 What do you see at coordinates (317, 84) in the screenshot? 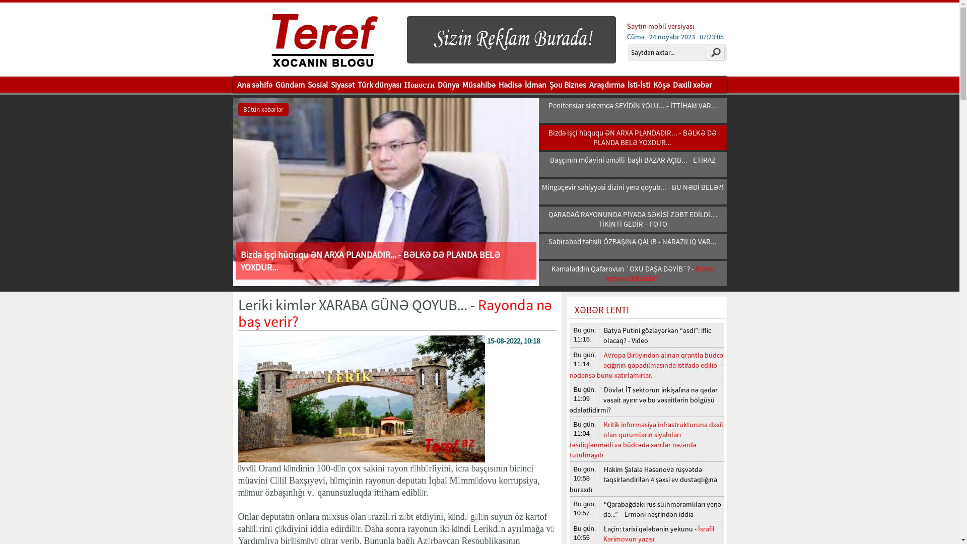
I see `'Sosial'` at bounding box center [317, 84].